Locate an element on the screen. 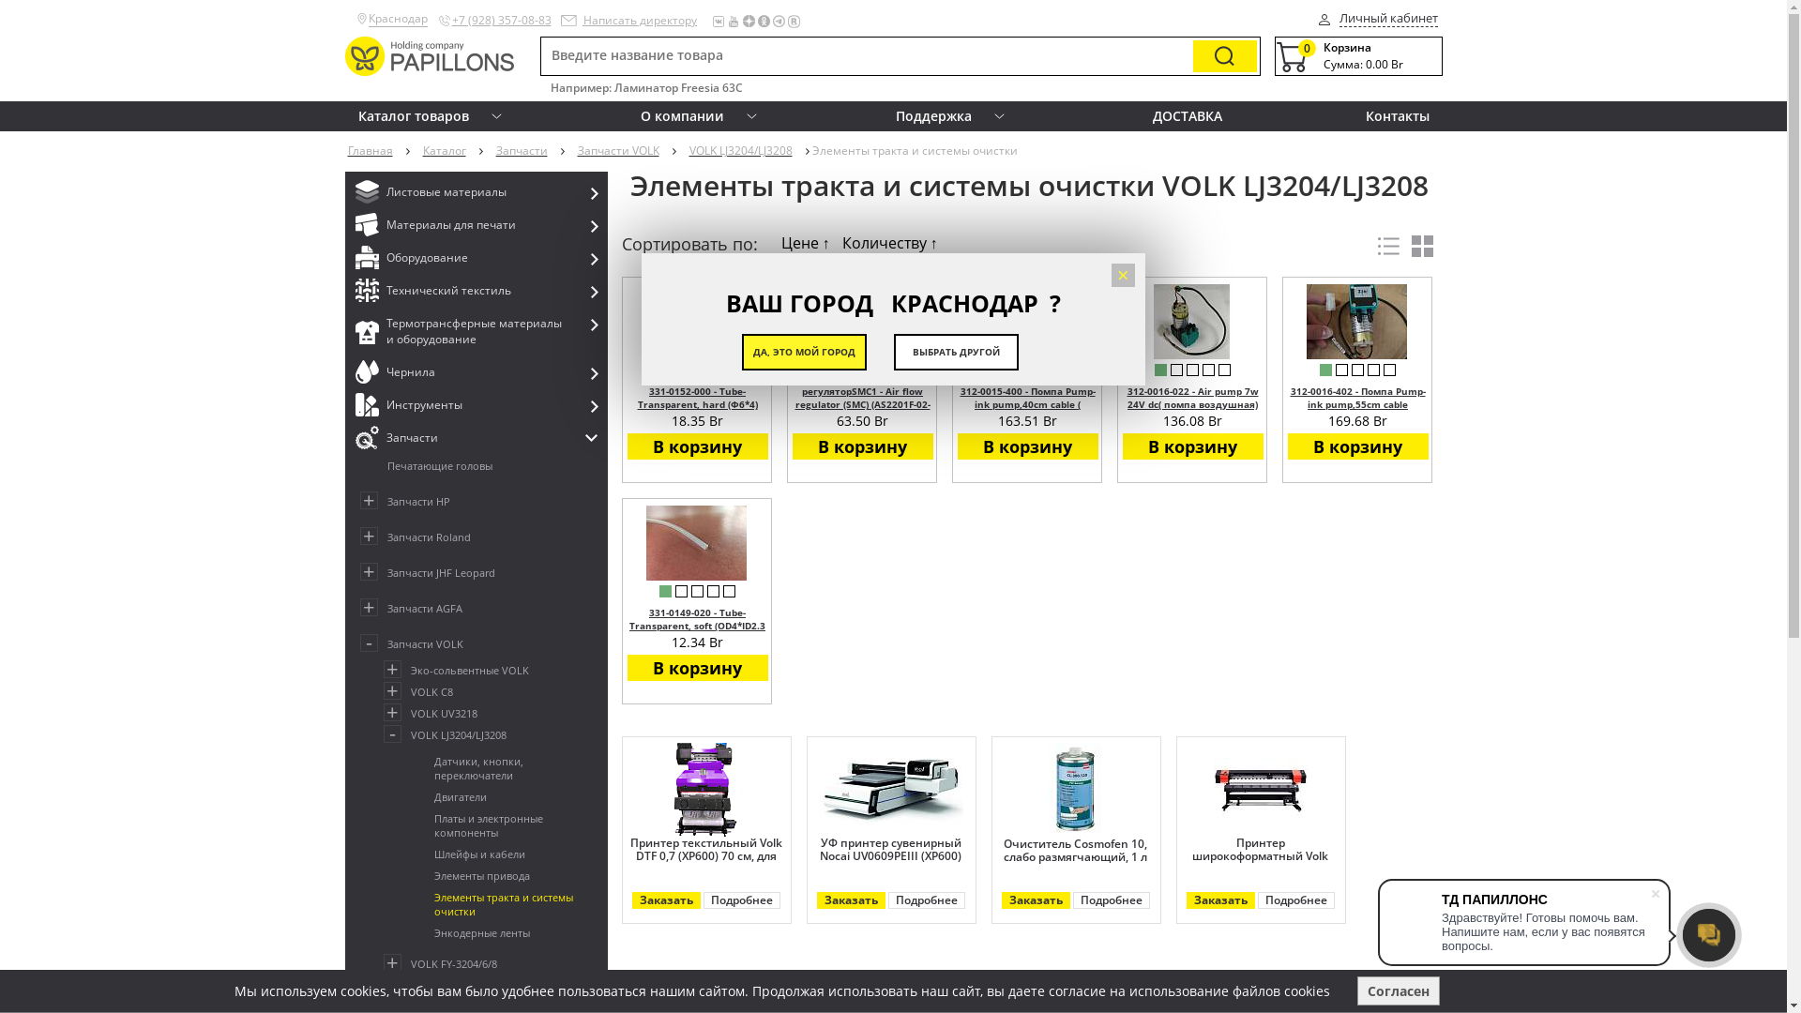 The image size is (1801, 1013). '+7 (928) 357-08-83' is located at coordinates (501, 20).